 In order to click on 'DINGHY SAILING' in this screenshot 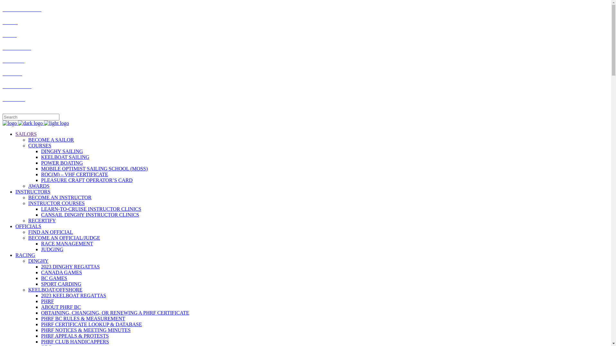, I will do `click(62, 151)`.